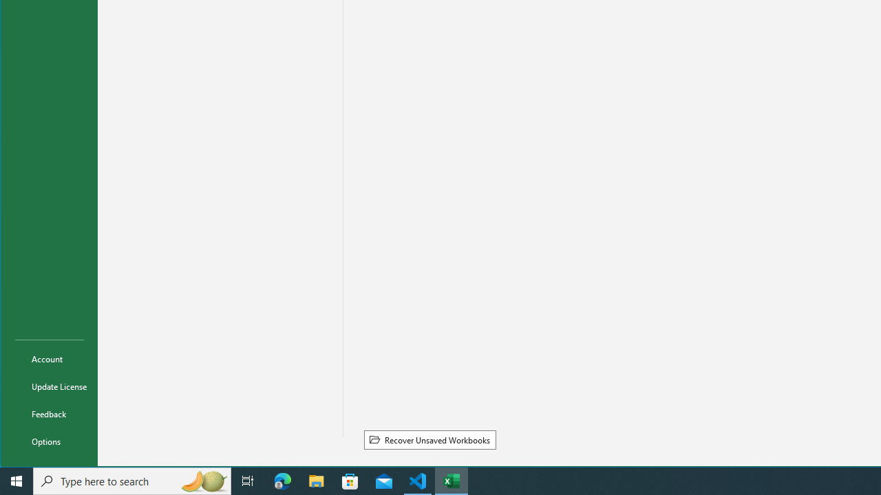 This screenshot has height=495, width=881. Describe the element at coordinates (452, 480) in the screenshot. I see `'Excel - 1 running window'` at that location.